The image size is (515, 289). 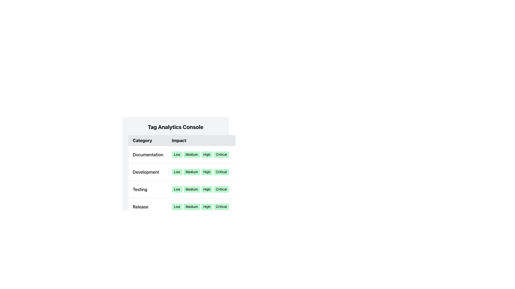 What do you see at coordinates (207, 172) in the screenshot?
I see `the 'High' severity label, which is the third label in the 'Impact' column of the 'Development' row, positioned between the 'Medium' and 'Critical' labels` at bounding box center [207, 172].